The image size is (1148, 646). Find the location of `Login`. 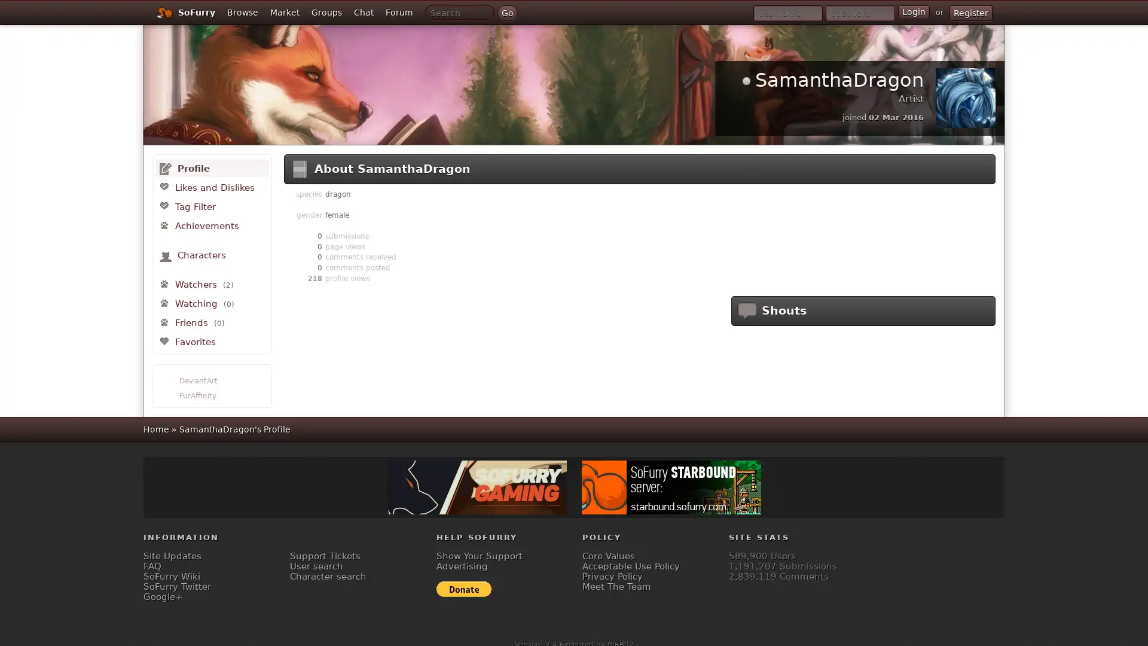

Login is located at coordinates (913, 11).